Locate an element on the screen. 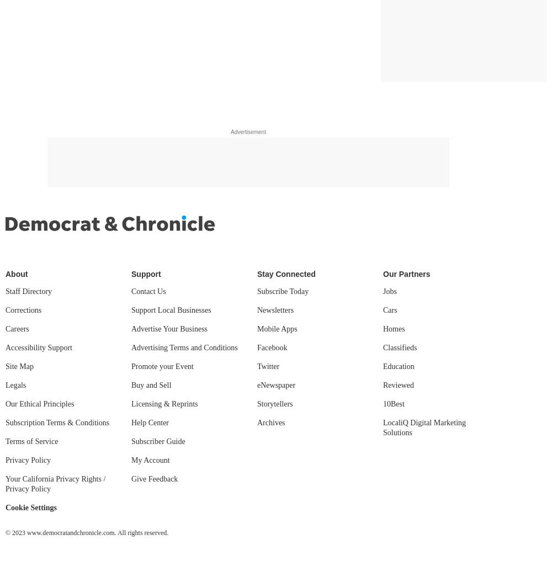 The image size is (552, 588). 'Jobs' is located at coordinates (389, 291).